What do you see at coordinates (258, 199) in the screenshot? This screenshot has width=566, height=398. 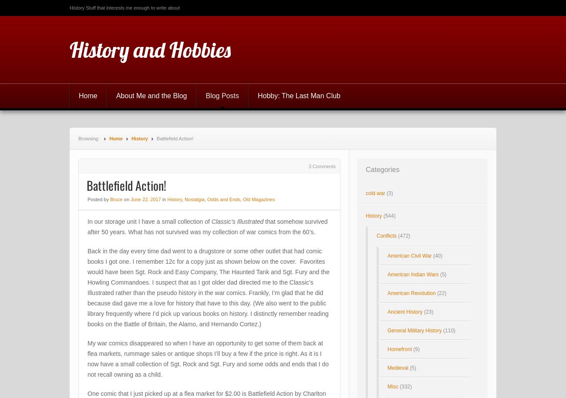 I see `'Old Magazines'` at bounding box center [258, 199].